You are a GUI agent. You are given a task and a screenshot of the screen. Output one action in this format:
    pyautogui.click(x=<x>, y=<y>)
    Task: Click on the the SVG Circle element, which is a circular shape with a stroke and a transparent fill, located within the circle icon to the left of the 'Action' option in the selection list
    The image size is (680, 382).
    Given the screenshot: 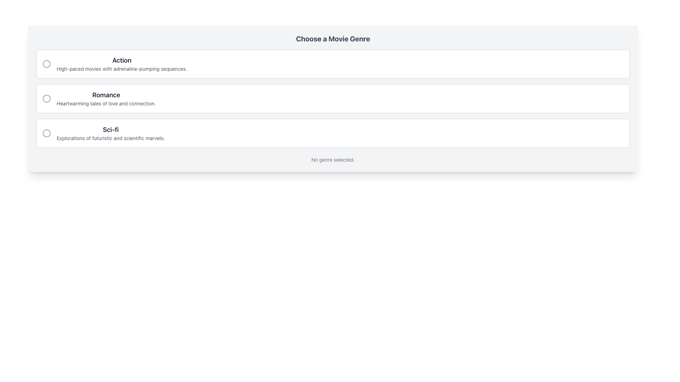 What is the action you would take?
    pyautogui.click(x=46, y=64)
    